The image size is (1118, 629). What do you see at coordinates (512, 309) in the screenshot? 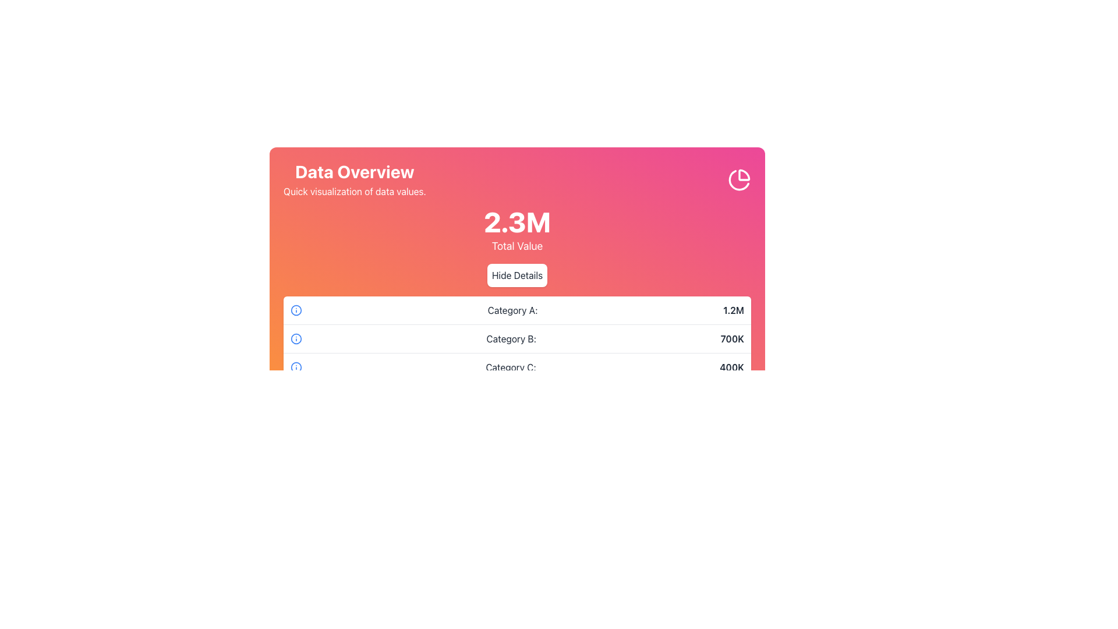
I see `text label that provides context for the numerical value '1.2M' associated with 'Category A', located in the first row of the category list` at bounding box center [512, 309].